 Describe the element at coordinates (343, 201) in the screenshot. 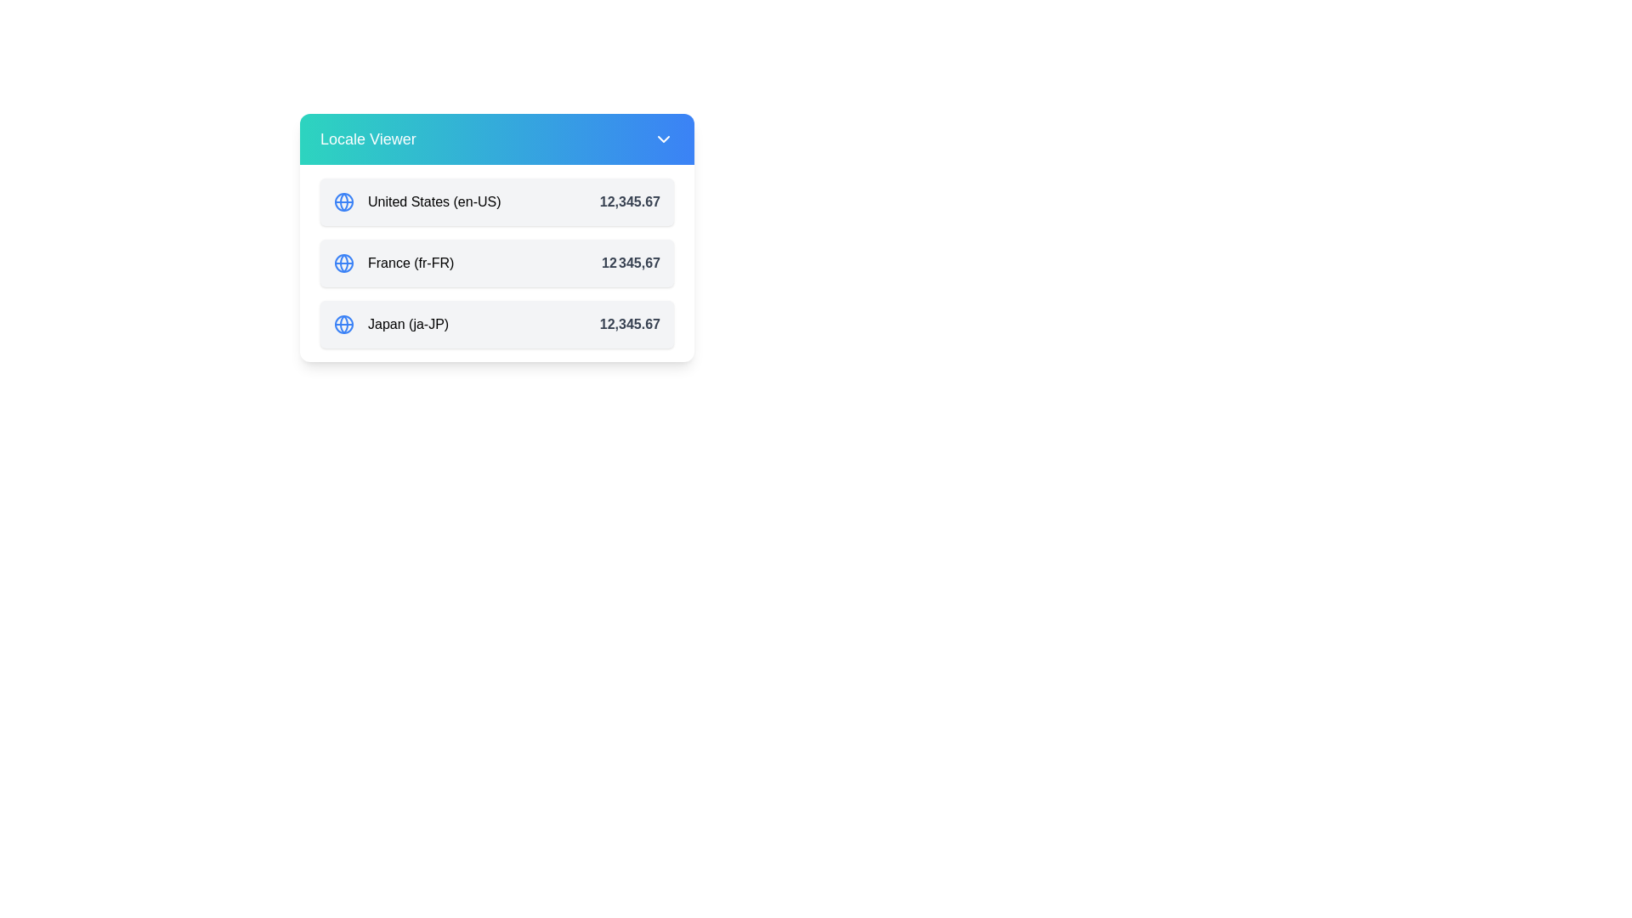

I see `the globe icon styled in blue with a circular outline and intersecting lines representing latitudes and longitudes, located next to the text 'United States (en-US)' in the 'Locale Viewer' menu` at that location.